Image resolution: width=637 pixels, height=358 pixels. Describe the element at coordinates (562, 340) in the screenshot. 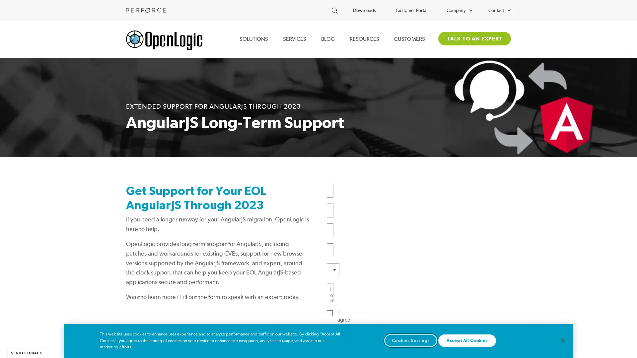

I see `Close` at that location.